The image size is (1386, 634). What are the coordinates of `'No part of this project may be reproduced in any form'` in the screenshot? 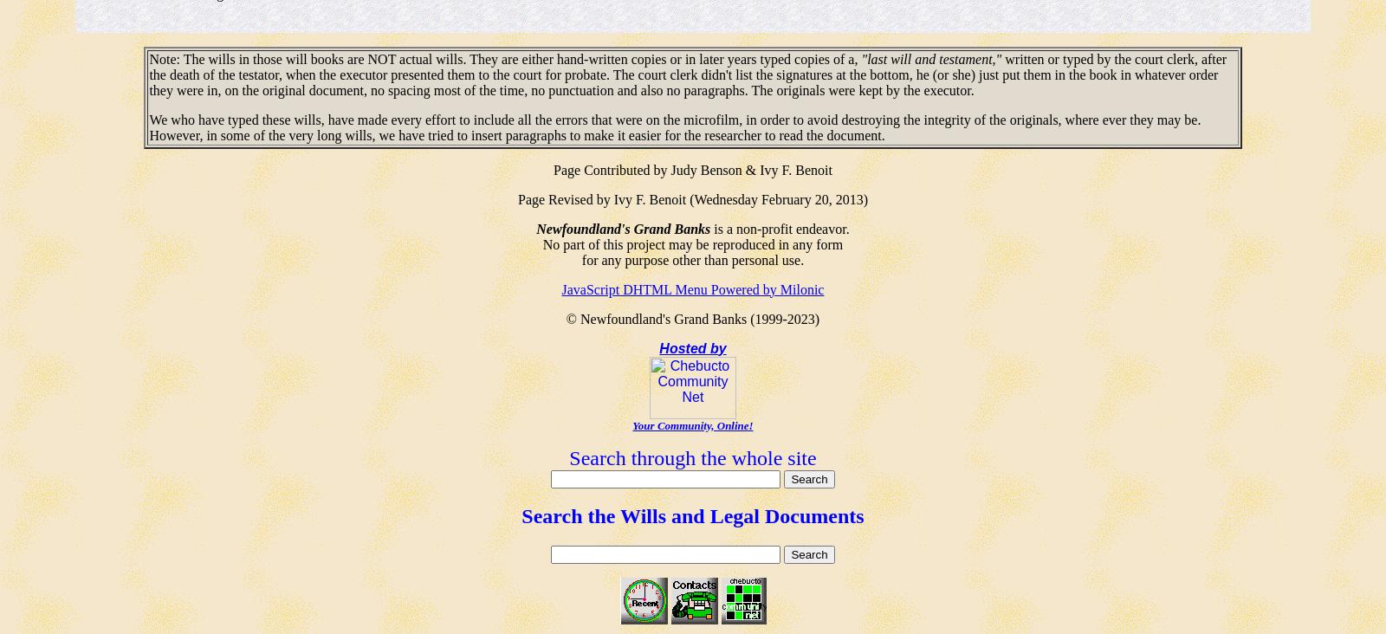 It's located at (692, 243).